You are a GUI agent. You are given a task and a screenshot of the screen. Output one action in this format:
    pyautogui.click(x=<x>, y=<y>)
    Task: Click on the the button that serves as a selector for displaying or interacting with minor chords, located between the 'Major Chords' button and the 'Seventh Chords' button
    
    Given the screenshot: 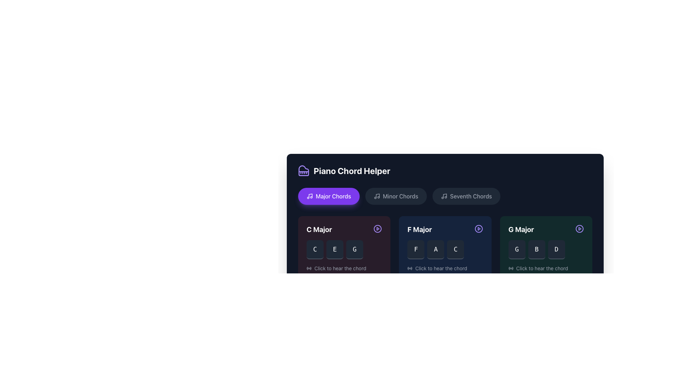 What is the action you would take?
    pyautogui.click(x=395, y=196)
    